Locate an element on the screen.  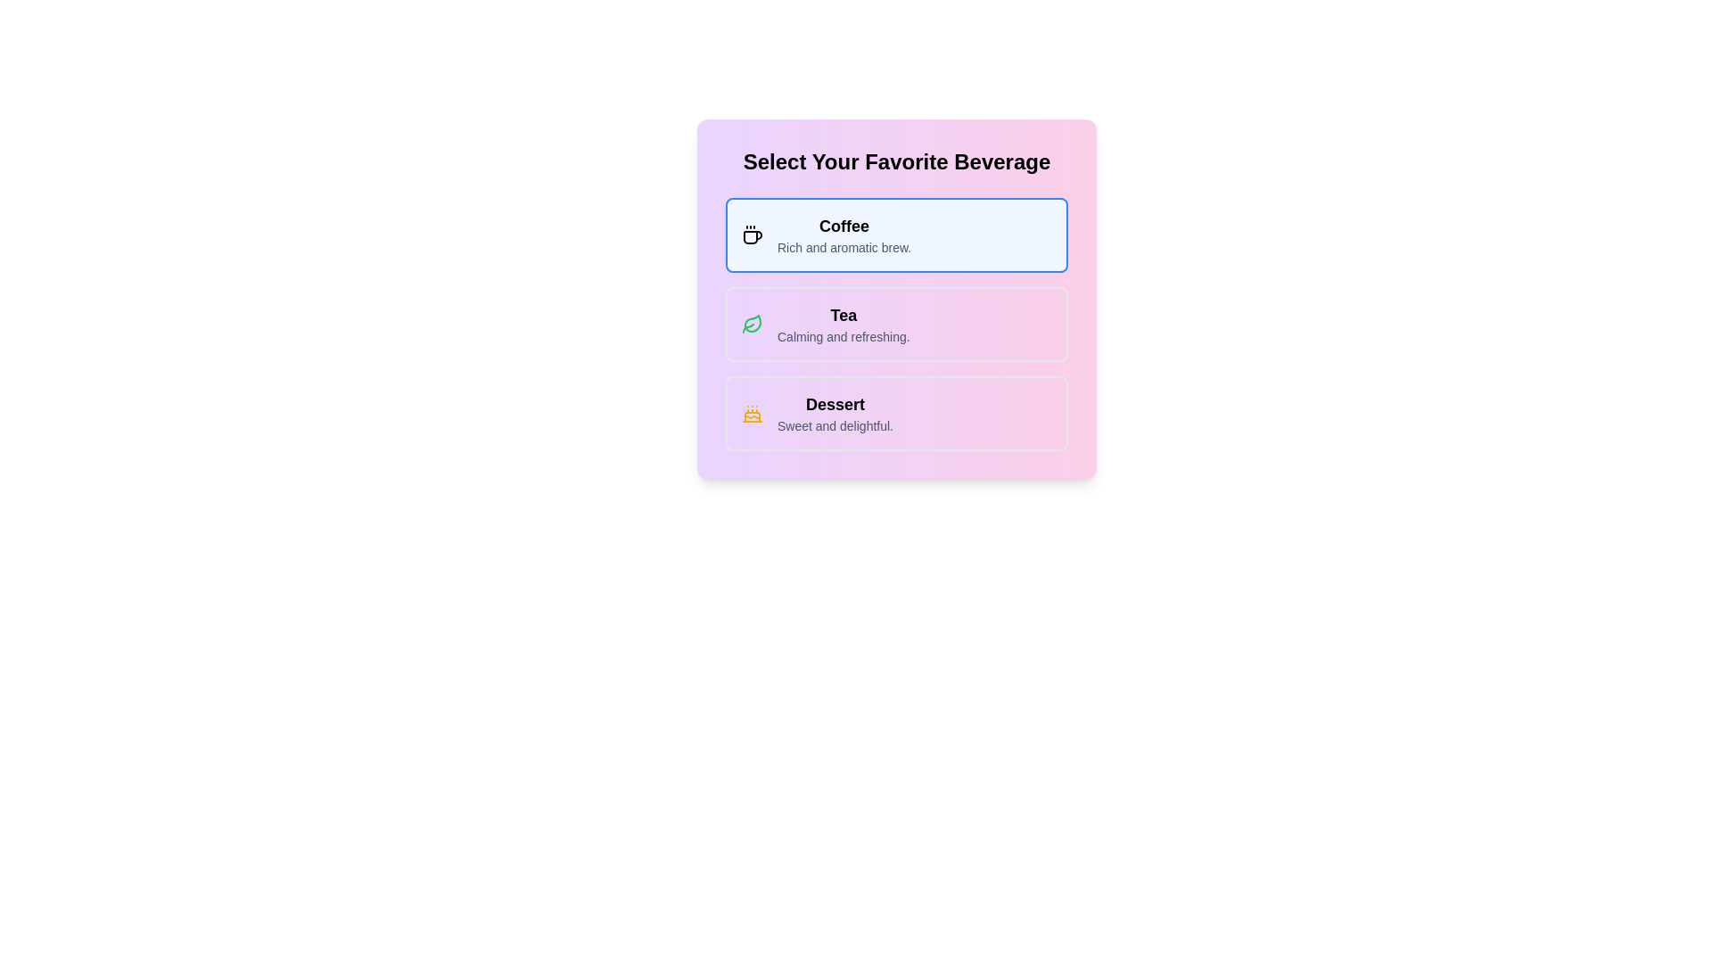
description from the text label displaying 'Sweet and delightful.' which is located under the 'Dessert' label in the beverage selection options is located at coordinates (834, 426).